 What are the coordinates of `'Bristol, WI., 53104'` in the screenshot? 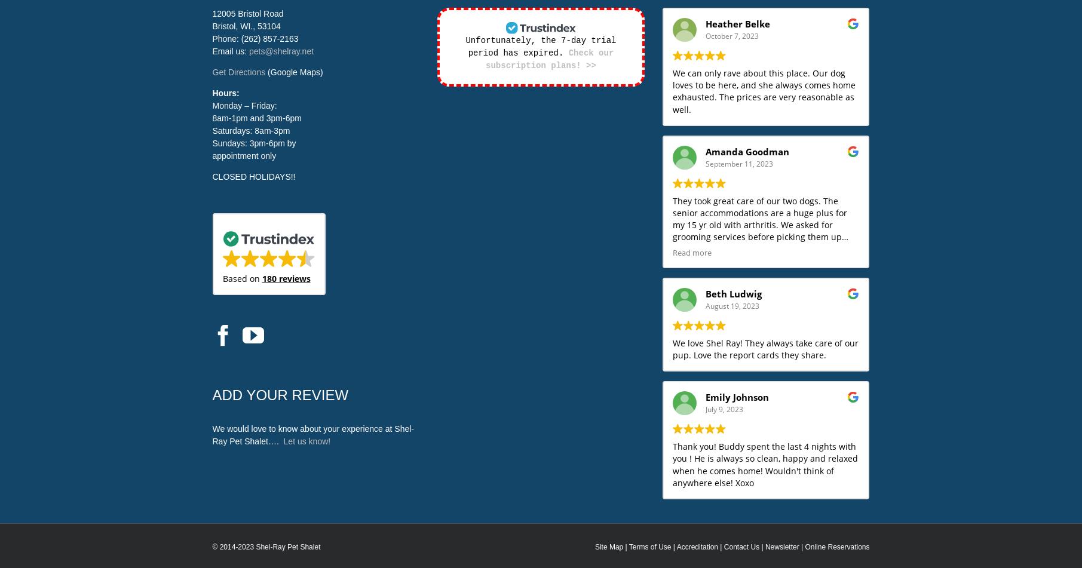 It's located at (246, 26).